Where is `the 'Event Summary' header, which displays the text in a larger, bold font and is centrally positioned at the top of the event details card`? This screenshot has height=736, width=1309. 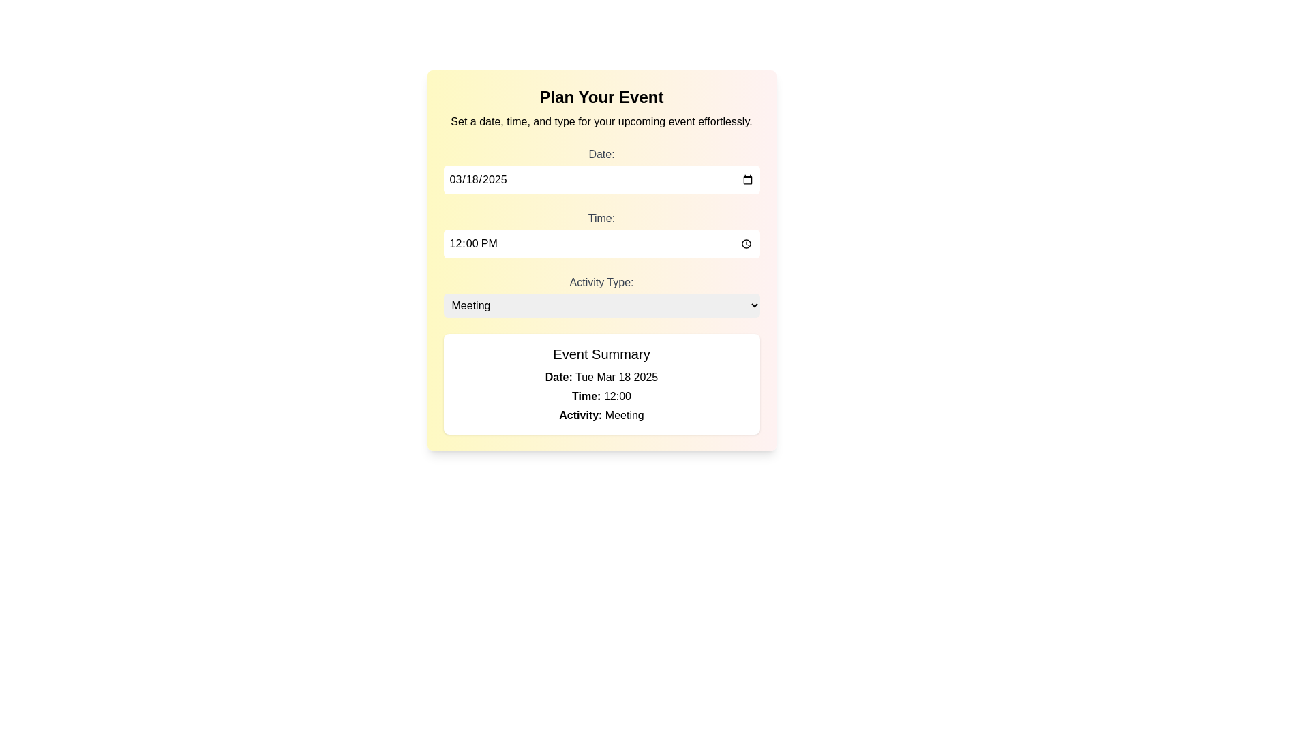
the 'Event Summary' header, which displays the text in a larger, bold font and is centrally positioned at the top of the event details card is located at coordinates (601, 354).